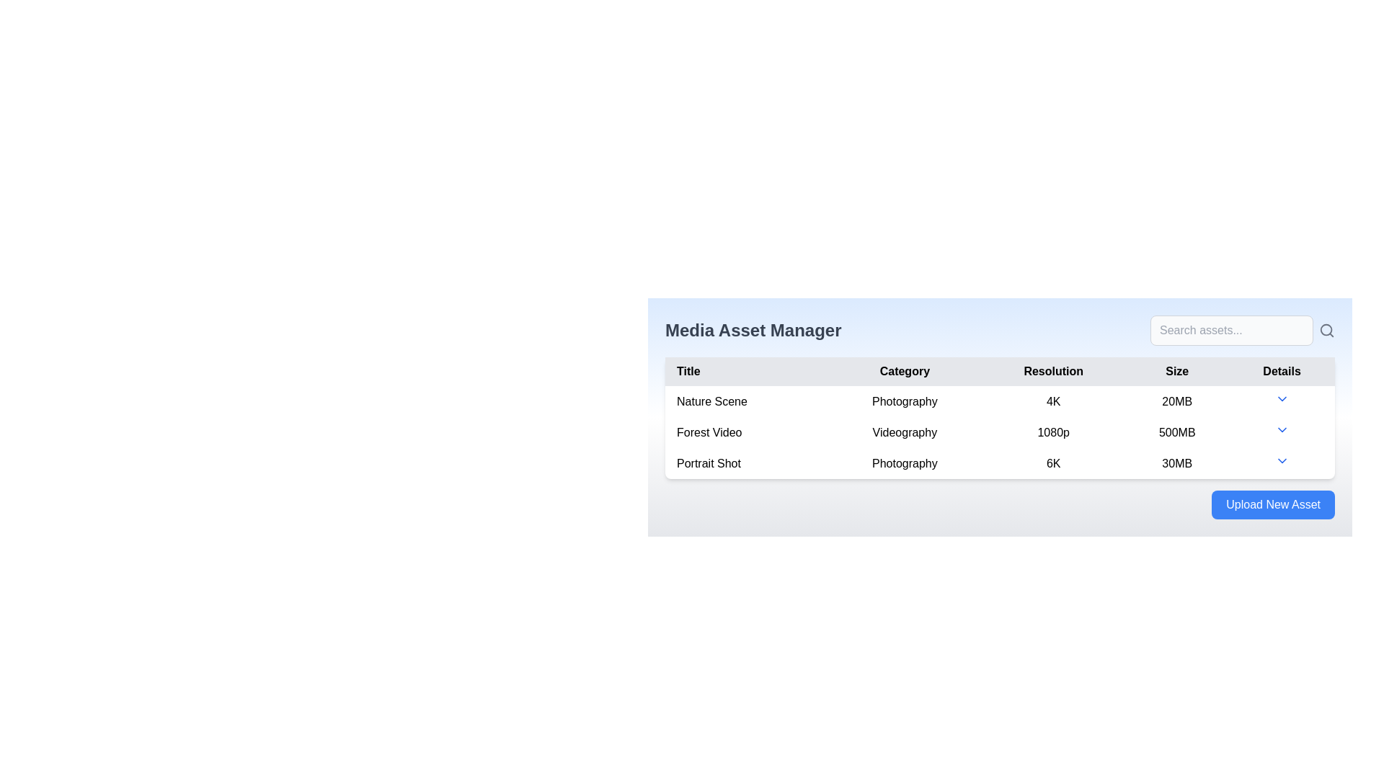  What do you see at coordinates (999, 463) in the screenshot?
I see `the individual items in the third row of the 'Media Asset Manager' table, which presents details about a media asset` at bounding box center [999, 463].